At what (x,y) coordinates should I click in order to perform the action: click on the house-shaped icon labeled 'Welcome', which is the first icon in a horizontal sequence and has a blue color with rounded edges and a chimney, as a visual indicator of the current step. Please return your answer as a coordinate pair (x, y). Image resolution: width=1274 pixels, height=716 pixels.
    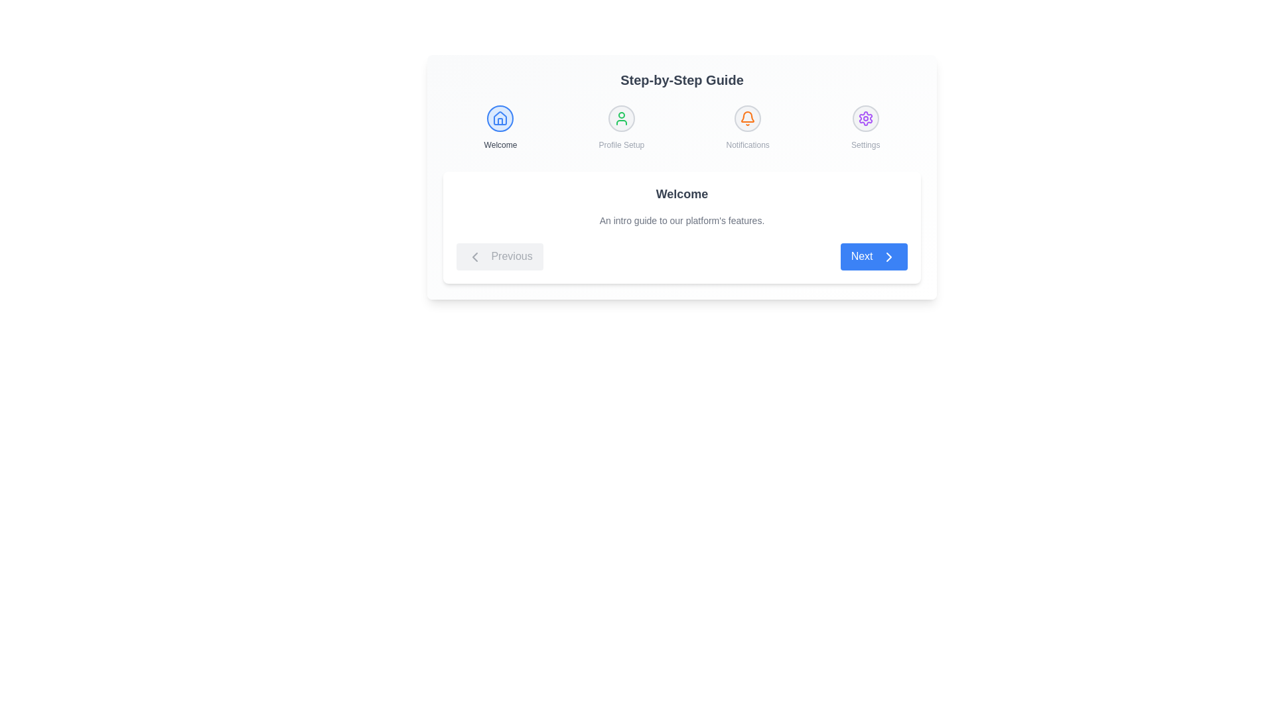
    Looking at the image, I should click on (500, 117).